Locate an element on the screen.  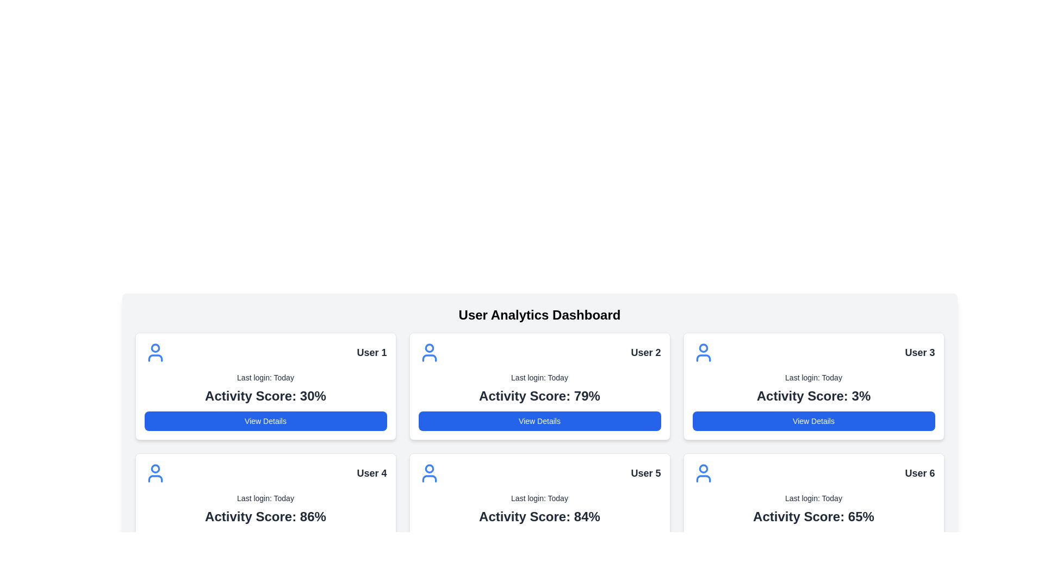
the Information Card displaying details for 'User 2', which is the second card in the first row of a grid layout is located at coordinates (539, 385).